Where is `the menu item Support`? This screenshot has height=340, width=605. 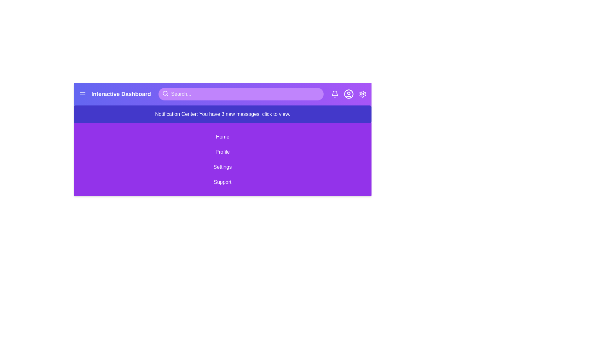
the menu item Support is located at coordinates (222, 182).